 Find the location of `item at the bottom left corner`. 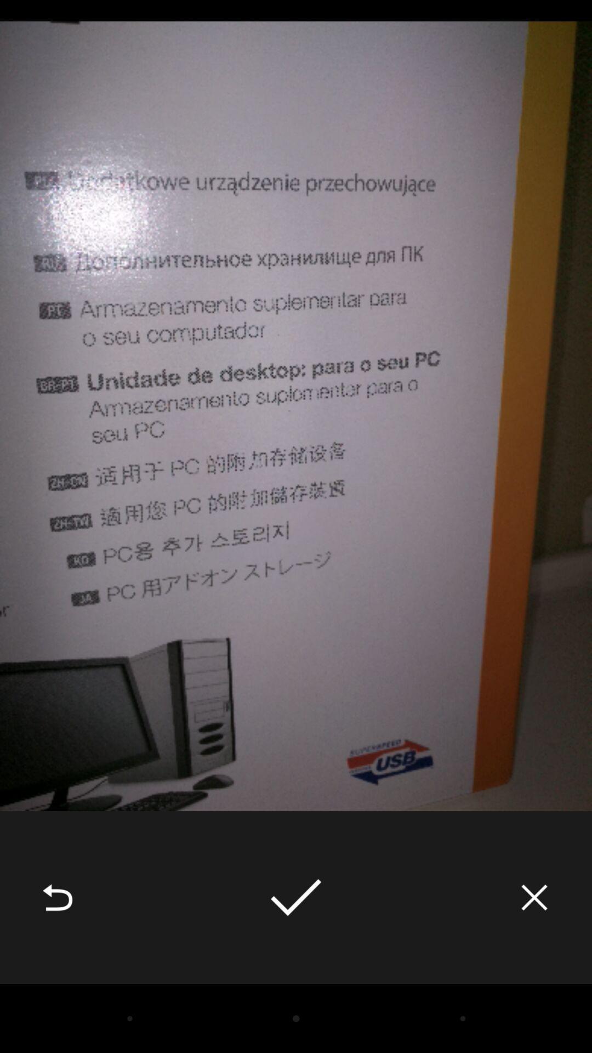

item at the bottom left corner is located at coordinates (57, 897).